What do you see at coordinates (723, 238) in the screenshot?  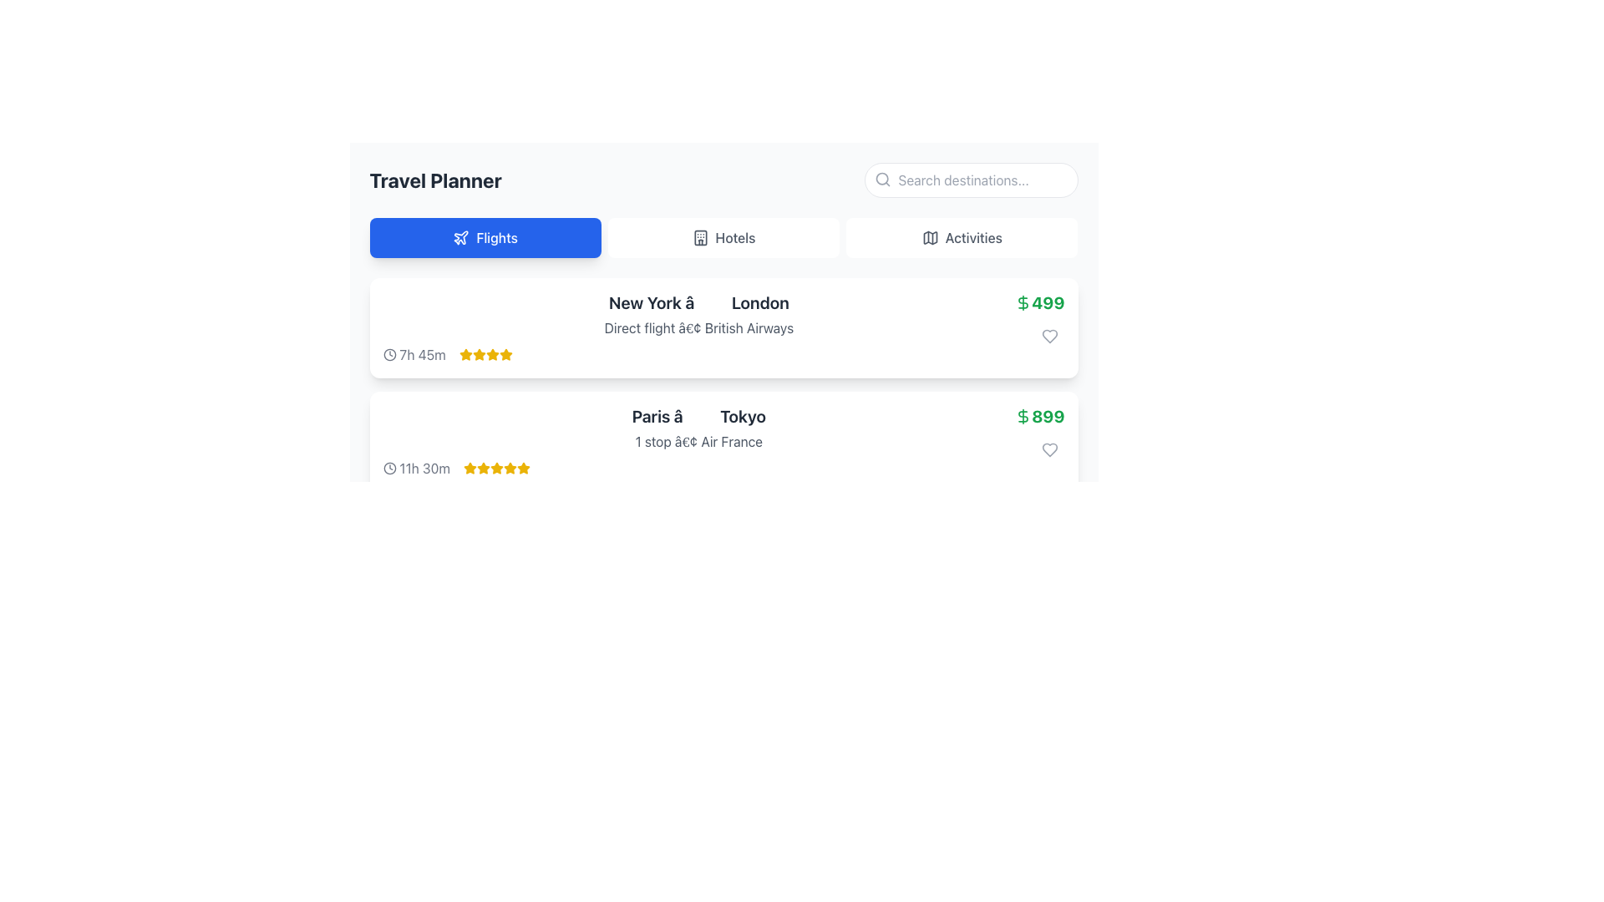 I see `the 'Hotels' button in the navigation bar to change its background color` at bounding box center [723, 238].